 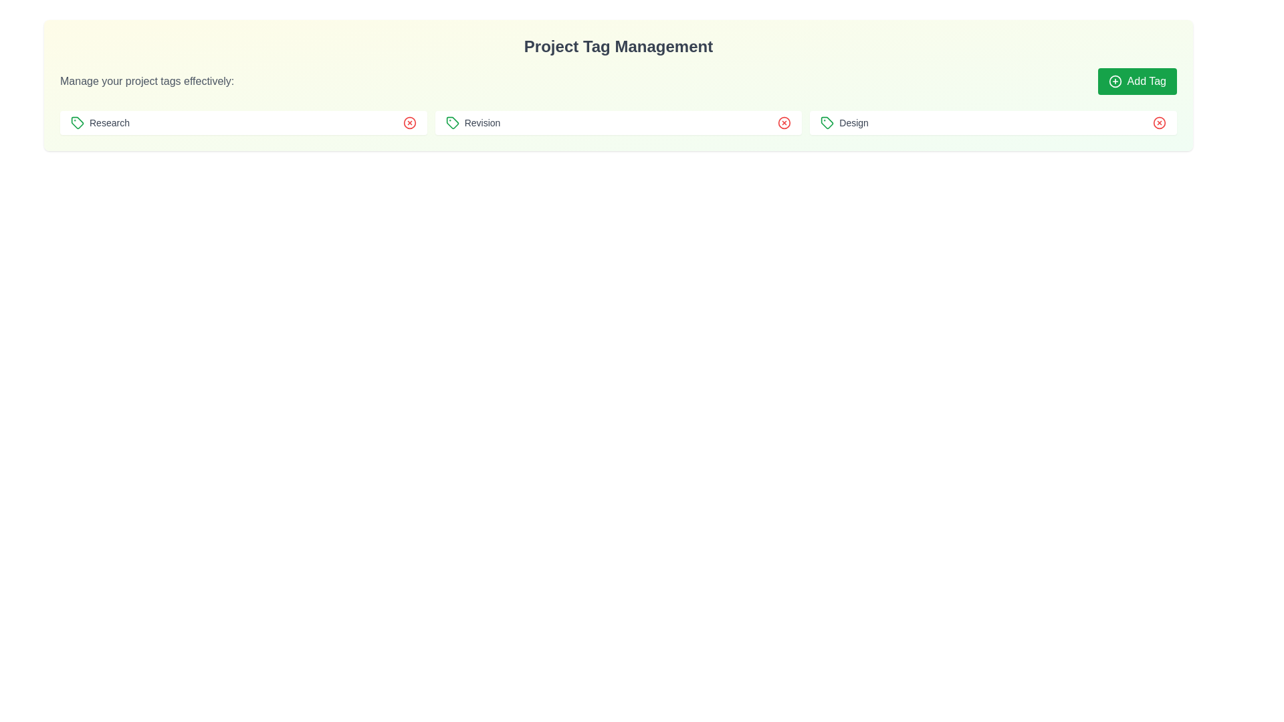 I want to click on the circular graphical icon component with a '+' sign, located at the center of the green 'Add Tag' button, so click(x=1115, y=82).